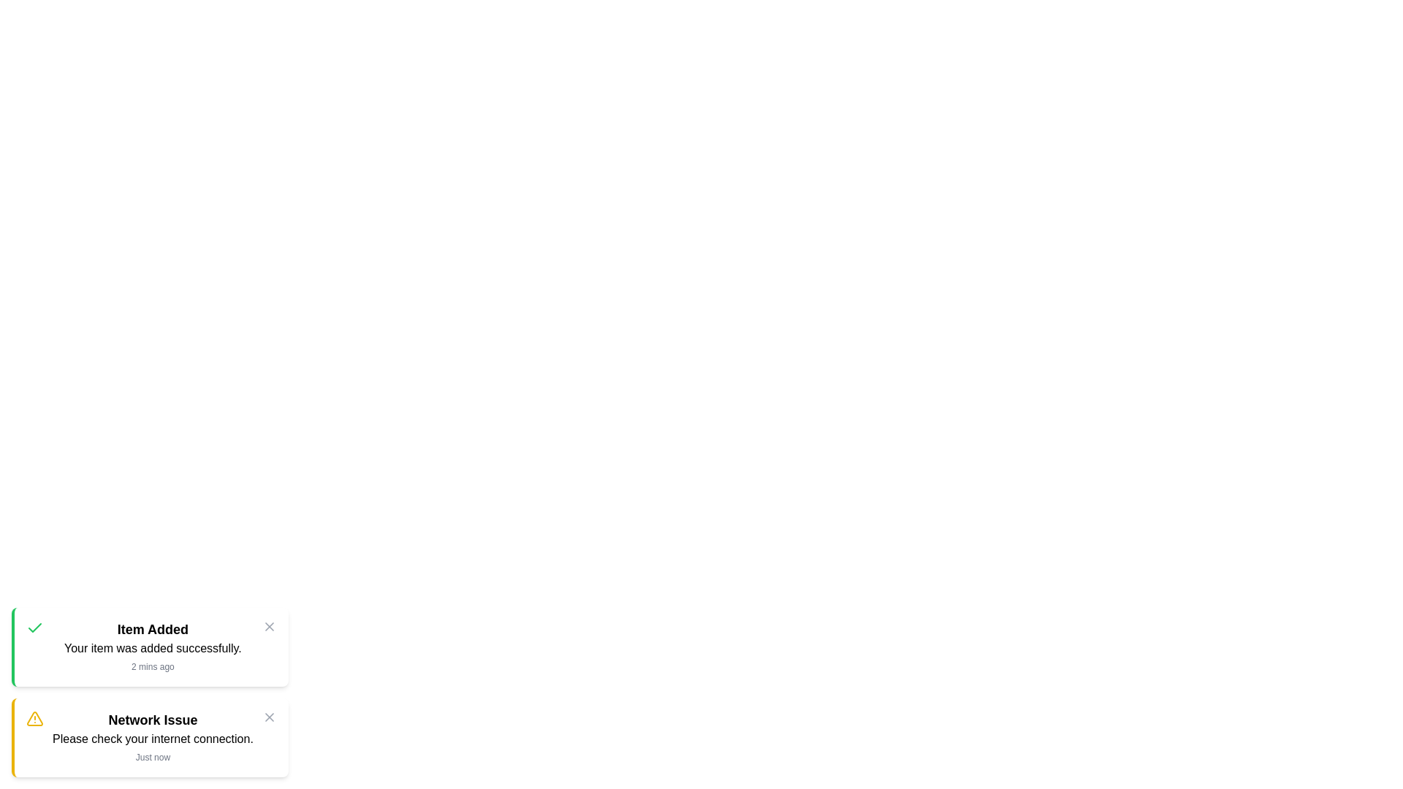  Describe the element at coordinates (35, 628) in the screenshot. I see `the notification icon to analyze its type` at that location.